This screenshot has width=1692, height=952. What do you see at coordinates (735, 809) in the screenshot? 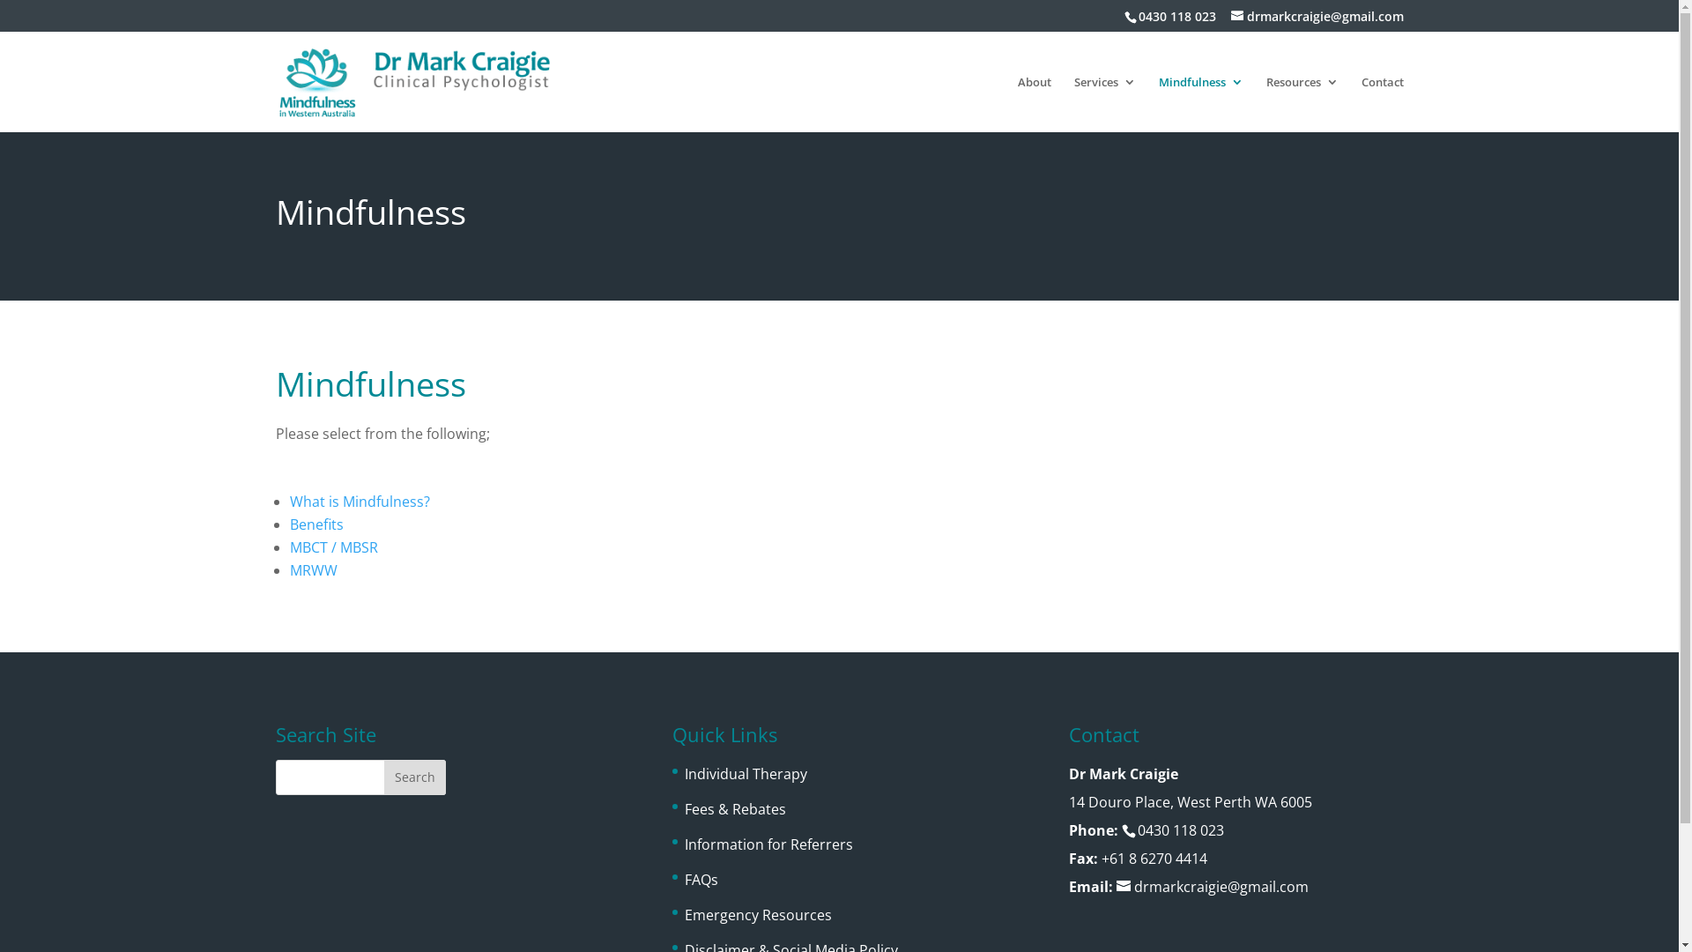
I see `'Fees & Rebates'` at bounding box center [735, 809].